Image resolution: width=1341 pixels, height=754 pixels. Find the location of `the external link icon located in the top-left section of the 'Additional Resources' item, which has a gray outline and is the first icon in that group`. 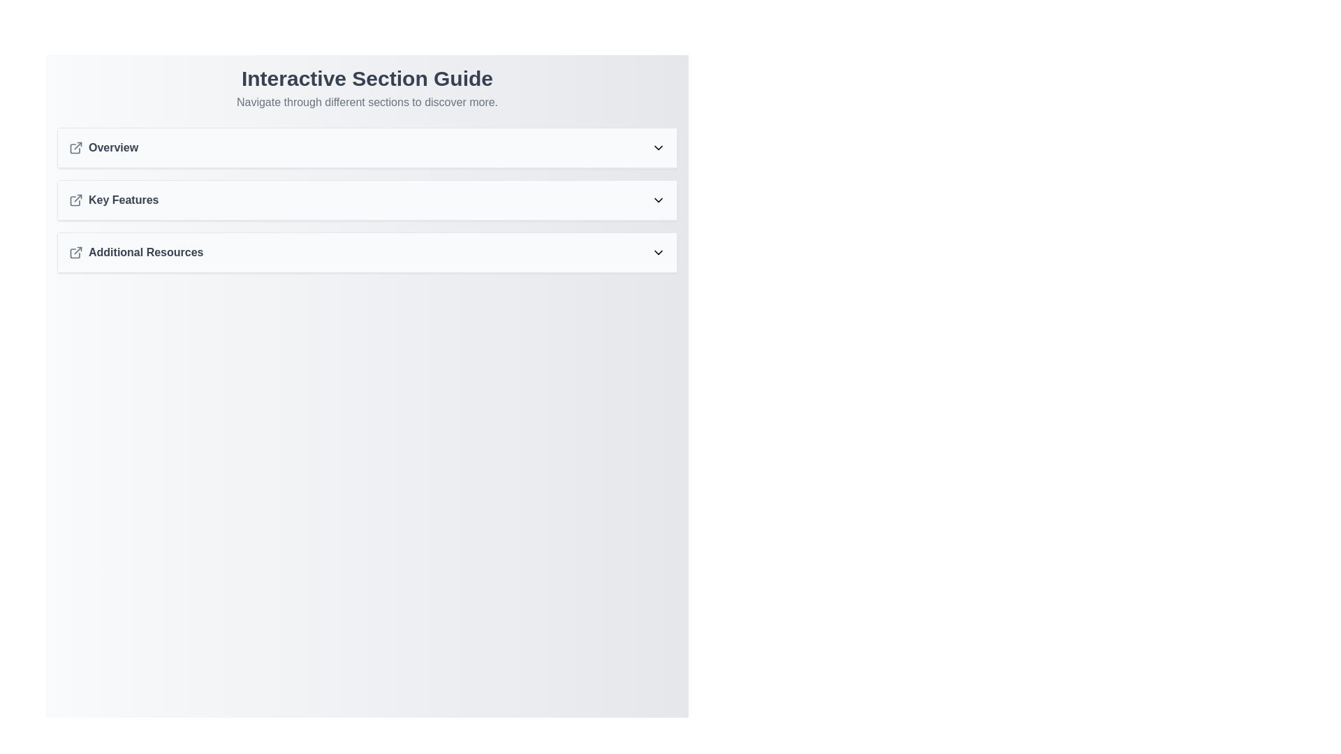

the external link icon located in the top-left section of the 'Additional Resources' item, which has a gray outline and is the first icon in that group is located at coordinates (75, 253).